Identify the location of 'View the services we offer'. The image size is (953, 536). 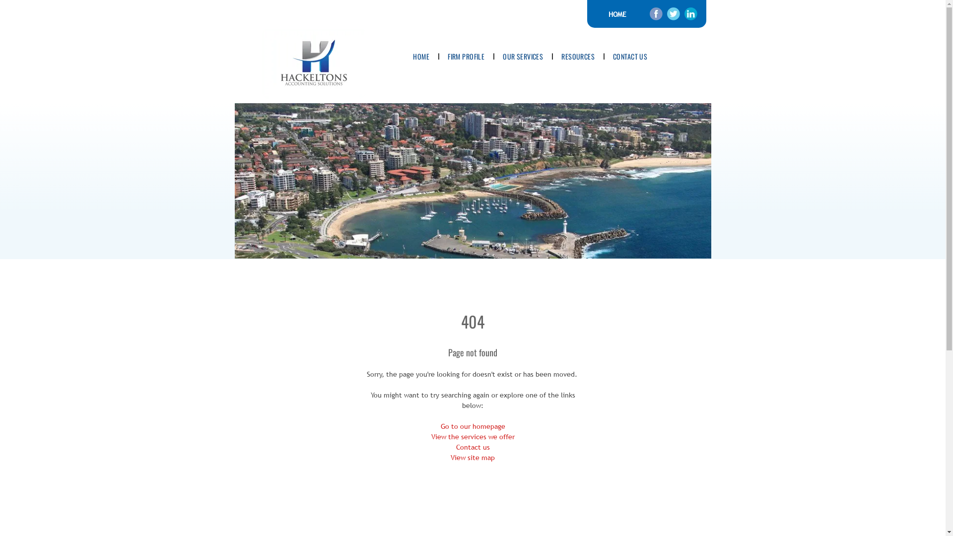
(472, 436).